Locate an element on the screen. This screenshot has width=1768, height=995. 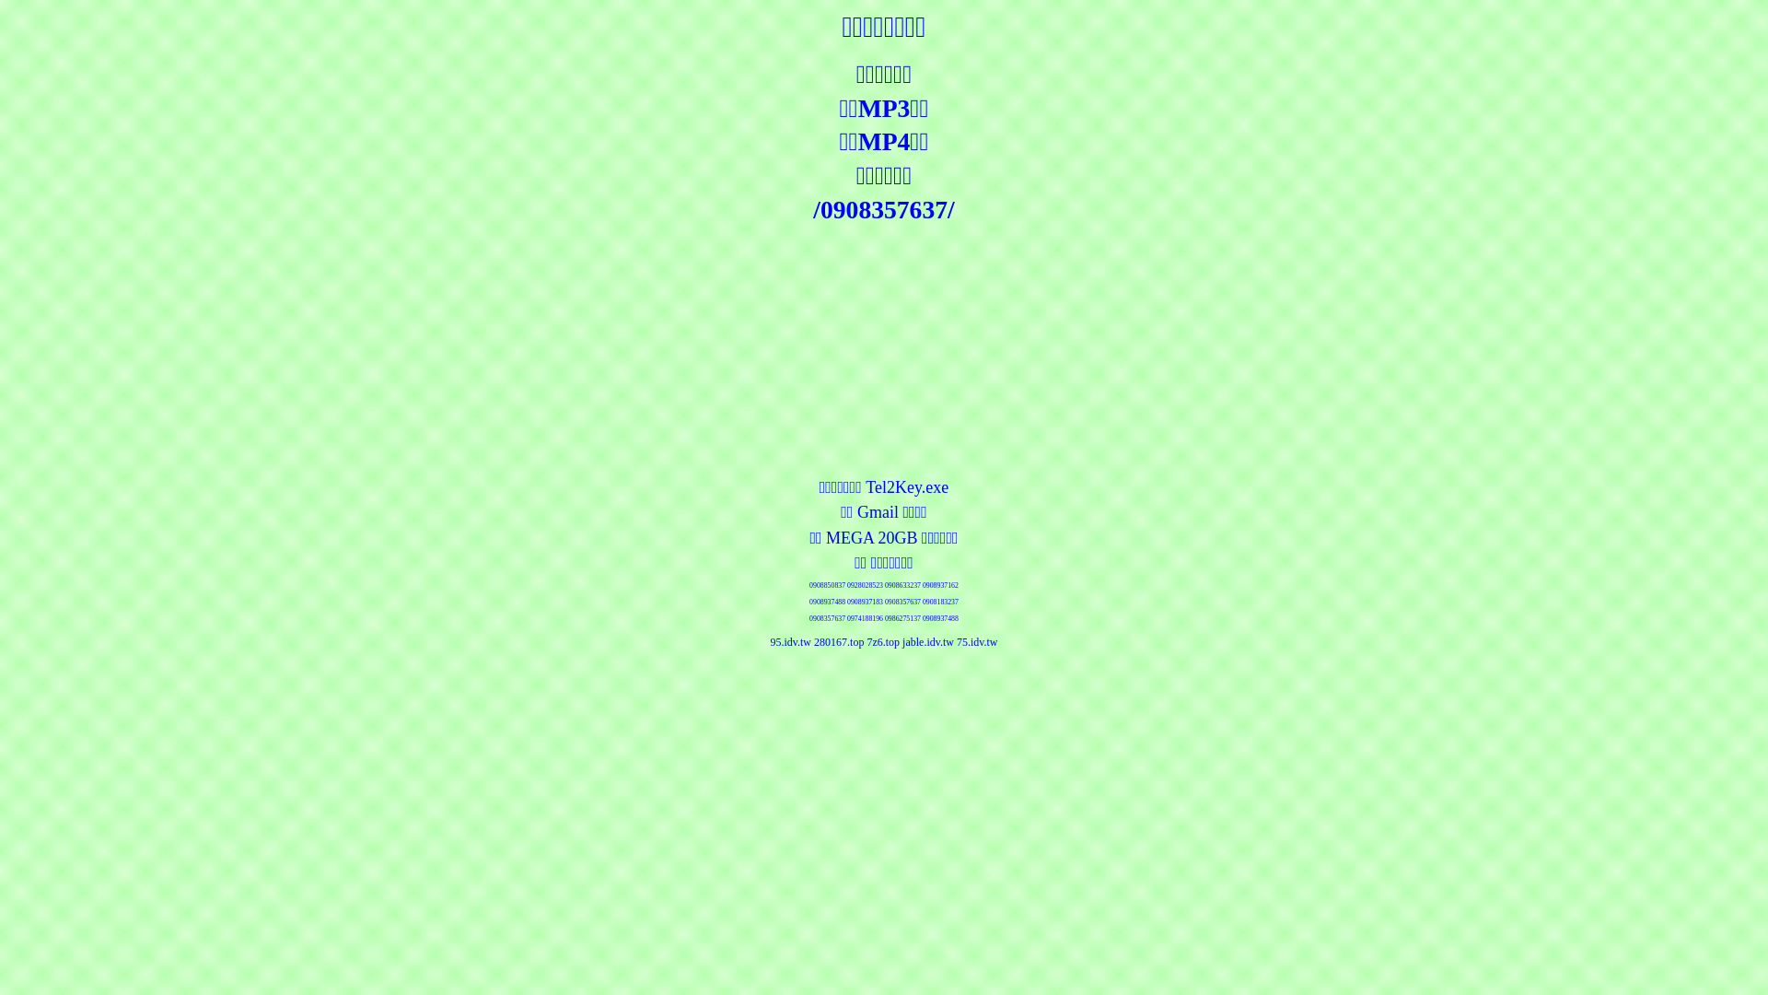
'0908937488' is located at coordinates (826, 602).